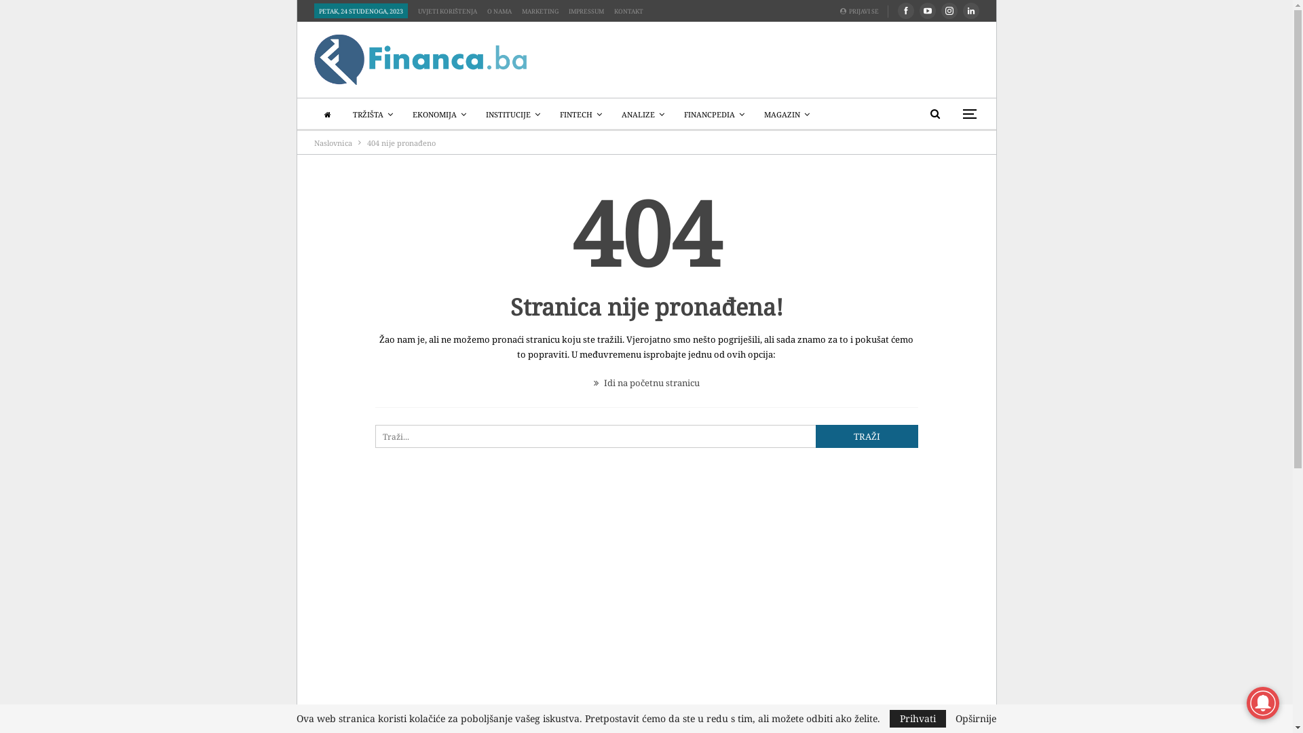 The height and width of the screenshot is (733, 1303). Describe the element at coordinates (787, 114) in the screenshot. I see `'MAGAZIN'` at that location.